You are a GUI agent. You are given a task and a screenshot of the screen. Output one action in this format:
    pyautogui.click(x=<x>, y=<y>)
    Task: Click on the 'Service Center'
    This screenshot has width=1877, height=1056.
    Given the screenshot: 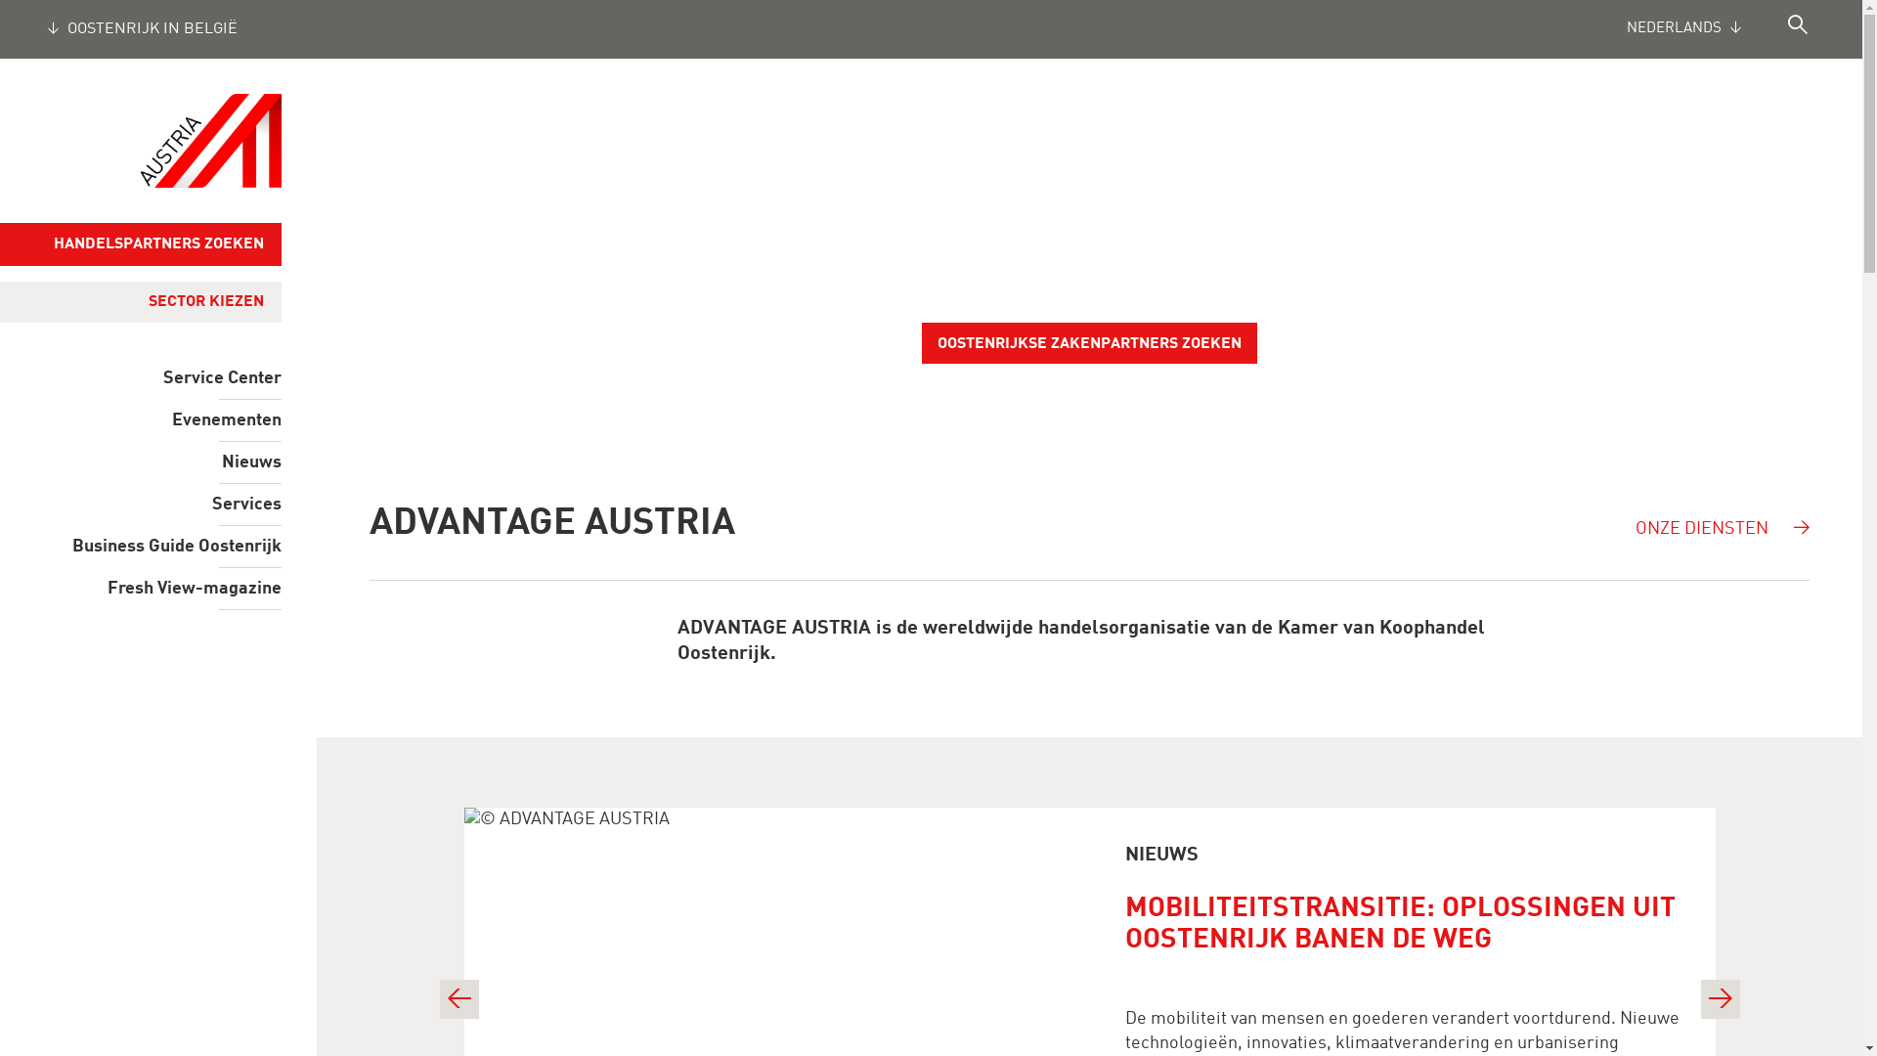 What is the action you would take?
    pyautogui.click(x=140, y=377)
    